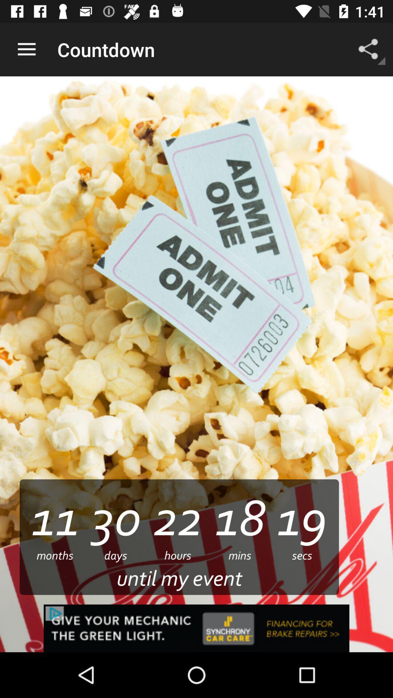  What do you see at coordinates (196, 628) in the screenshot?
I see `opens up an application form for financing` at bounding box center [196, 628].